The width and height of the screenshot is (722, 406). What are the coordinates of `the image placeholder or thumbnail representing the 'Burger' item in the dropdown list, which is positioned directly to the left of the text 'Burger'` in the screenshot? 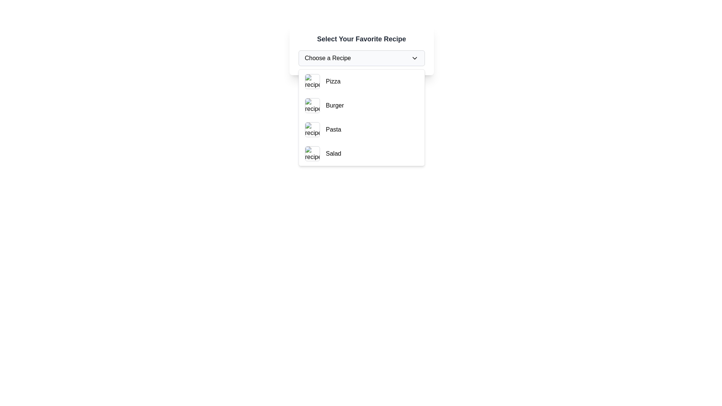 It's located at (312, 106).